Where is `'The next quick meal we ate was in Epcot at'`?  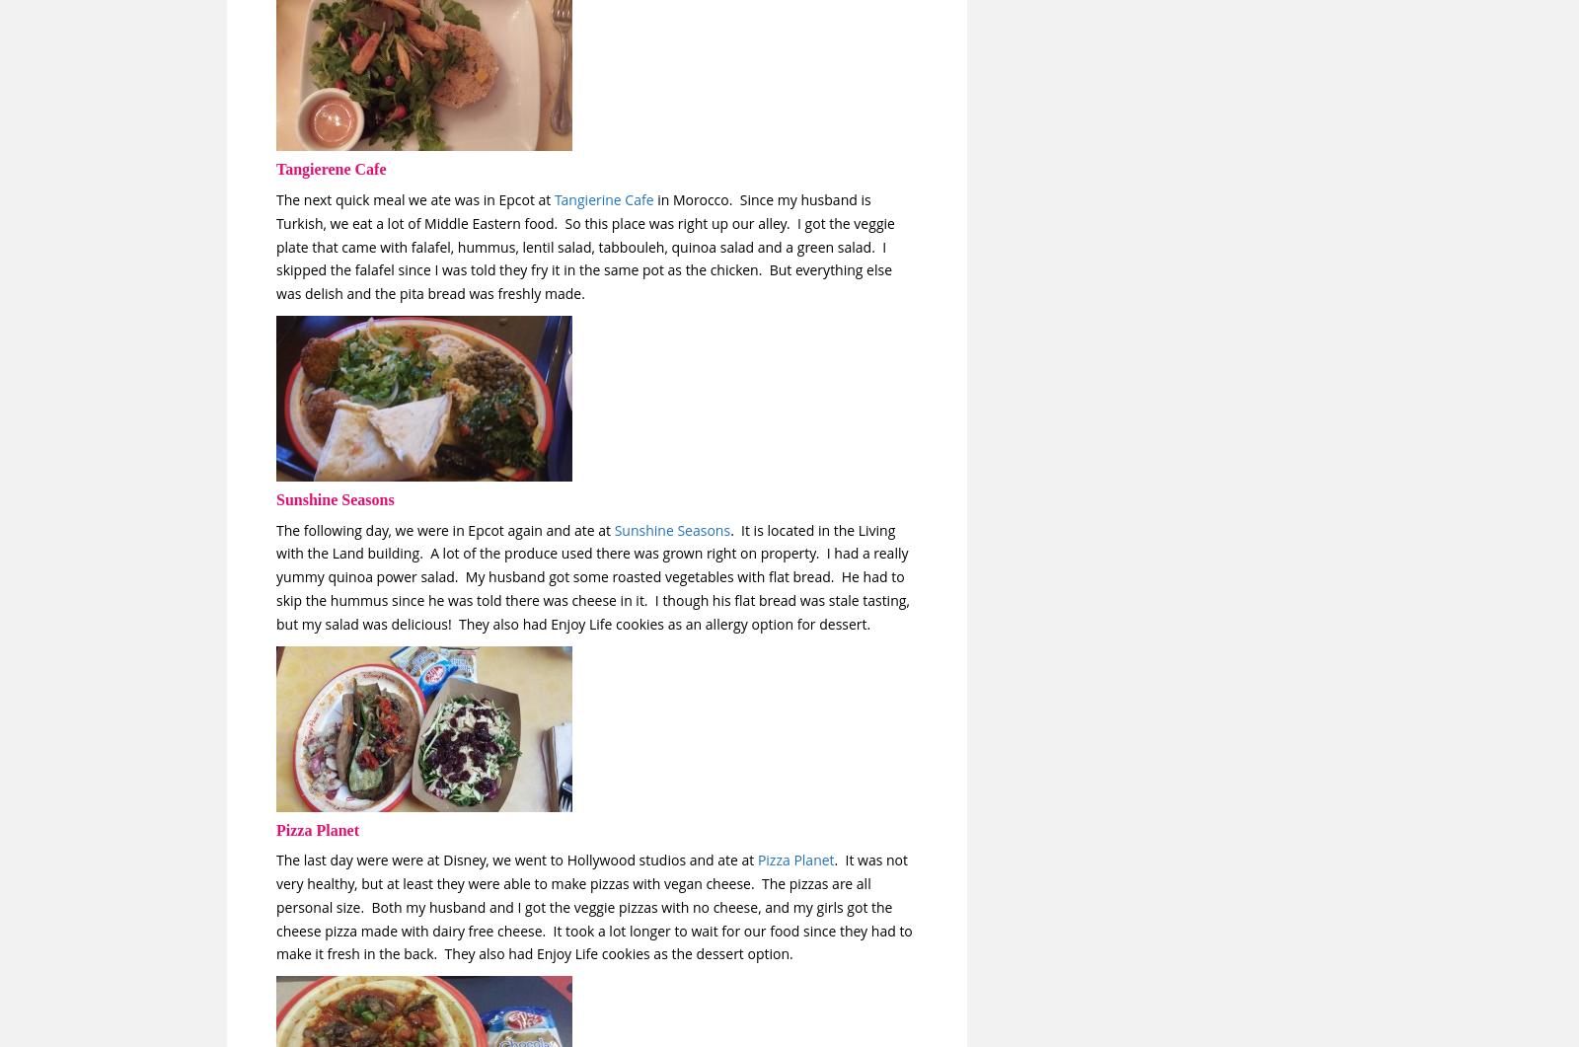
'The next quick meal we ate was in Epcot at' is located at coordinates (414, 198).